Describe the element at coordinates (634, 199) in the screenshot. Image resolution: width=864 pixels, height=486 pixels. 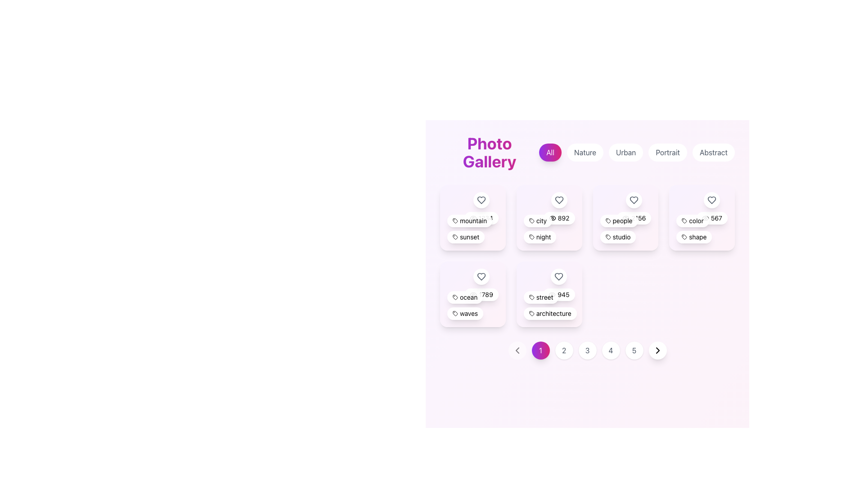
I see `the heart-shaped icon in the first row, third column of the grid layout to interact with it` at that location.